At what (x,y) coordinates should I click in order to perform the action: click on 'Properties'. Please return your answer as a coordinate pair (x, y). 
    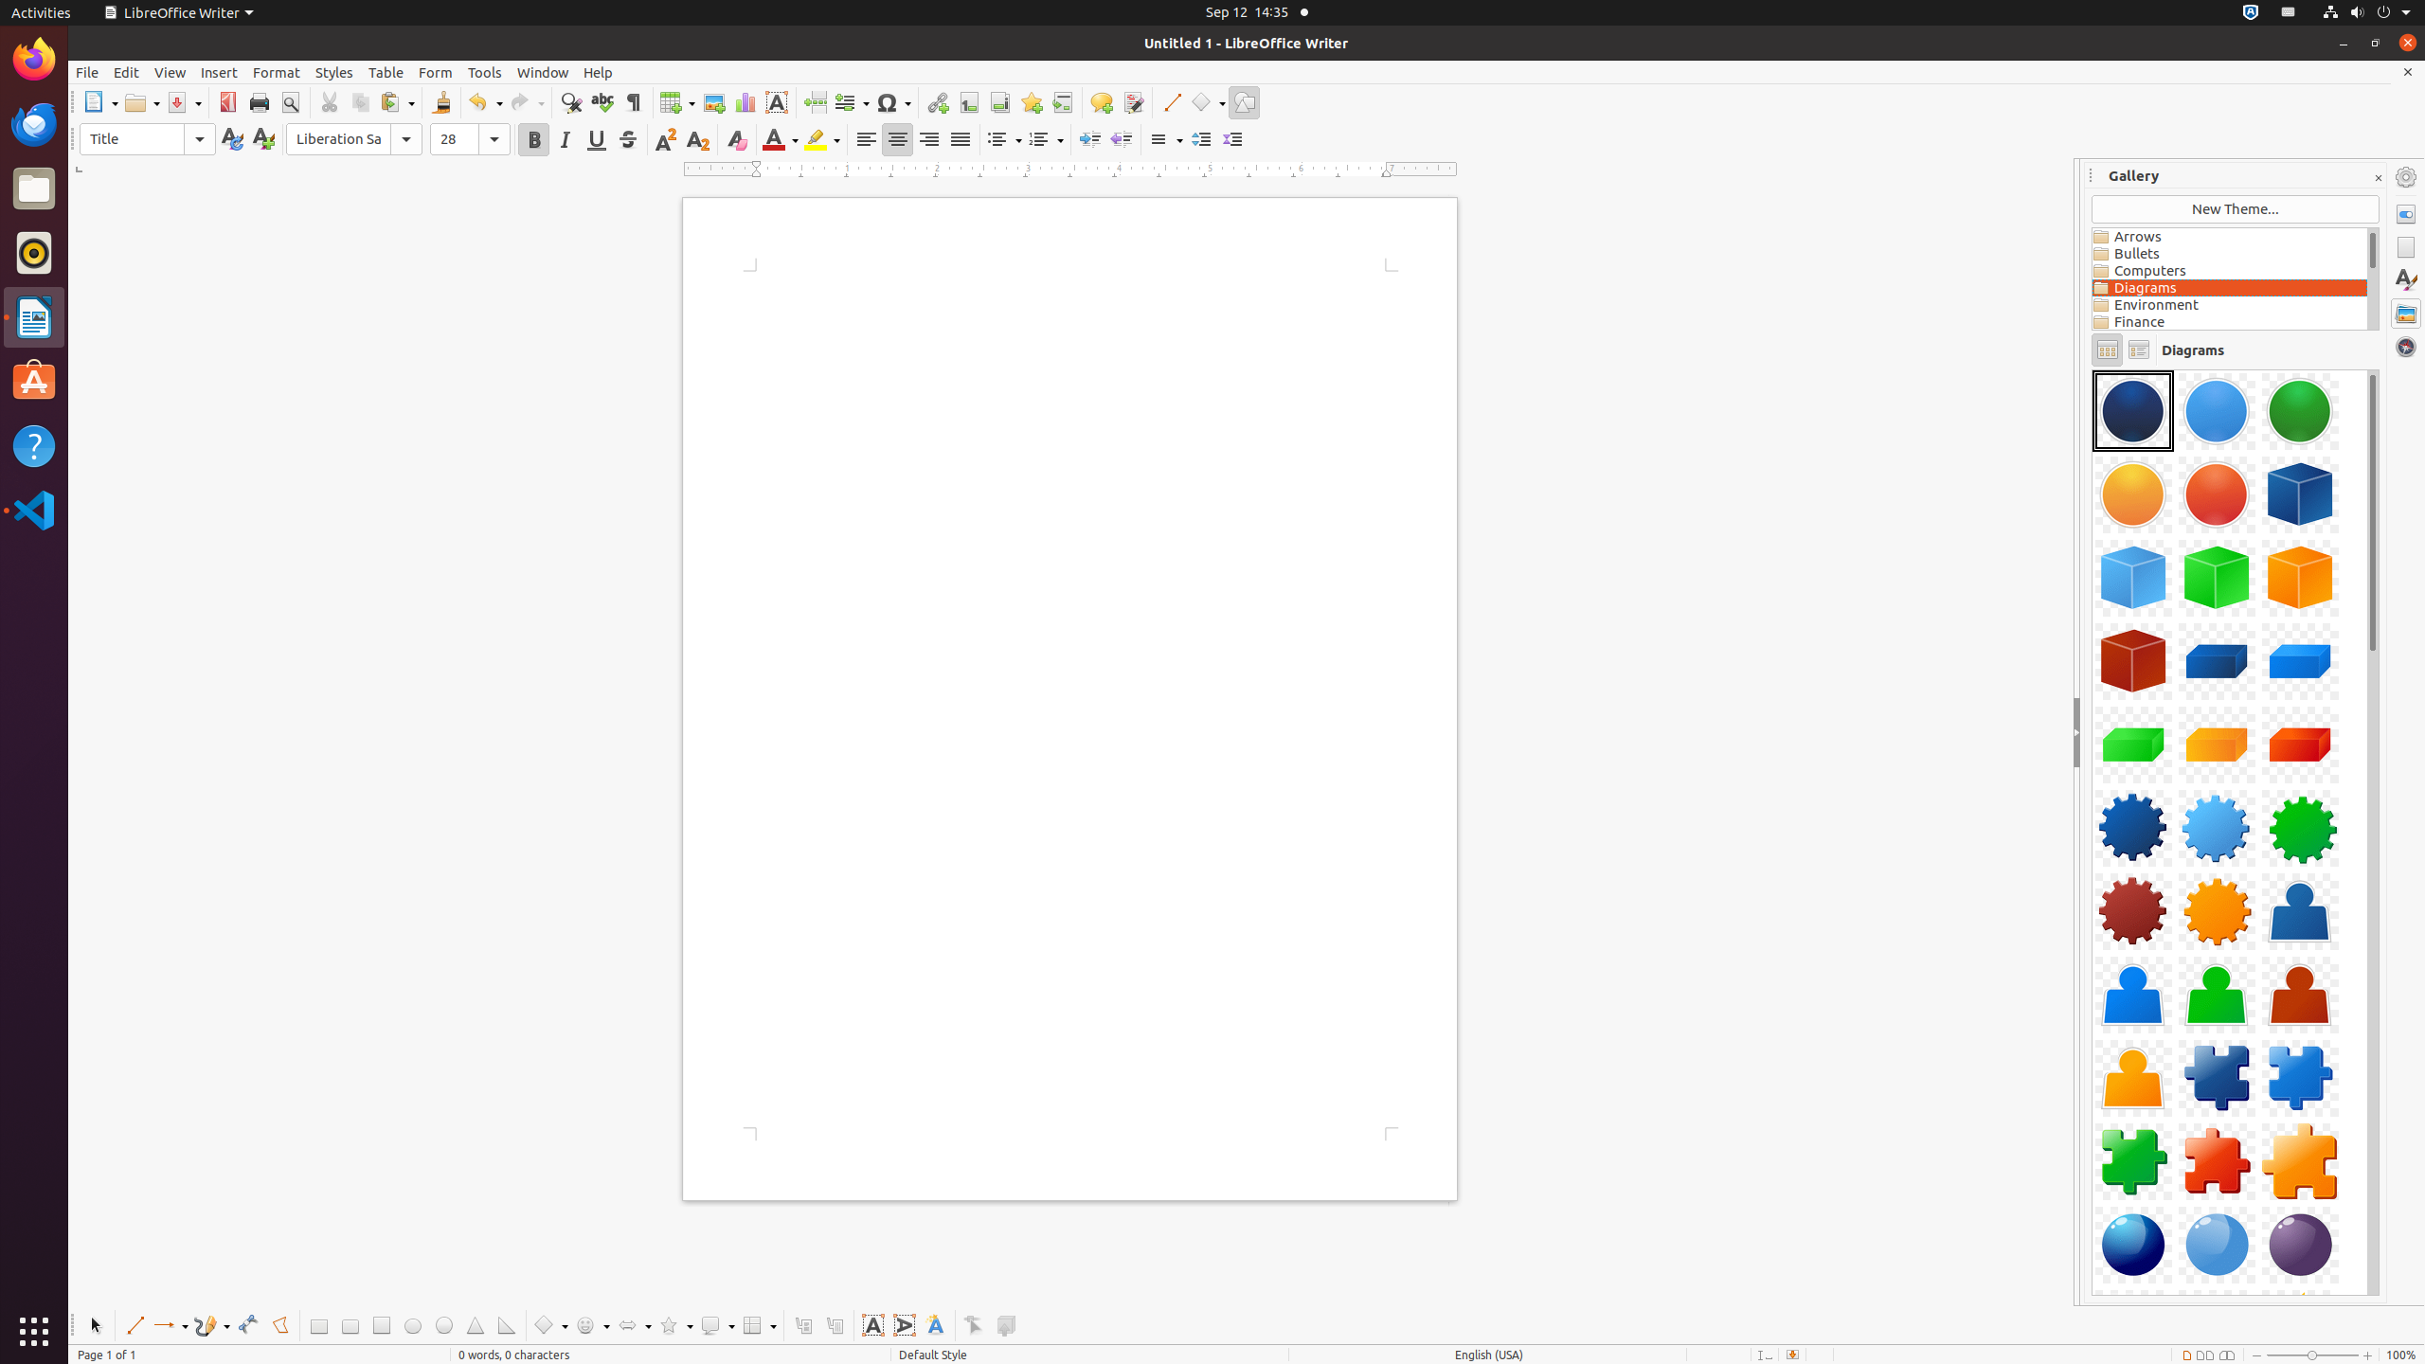
    Looking at the image, I should click on (2405, 213).